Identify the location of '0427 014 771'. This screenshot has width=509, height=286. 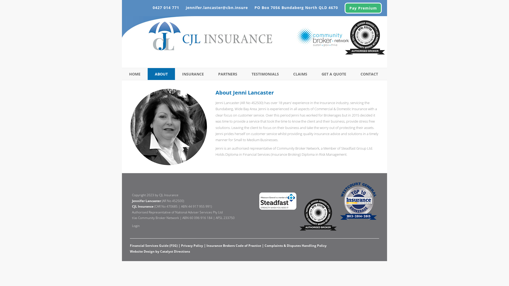
(152, 7).